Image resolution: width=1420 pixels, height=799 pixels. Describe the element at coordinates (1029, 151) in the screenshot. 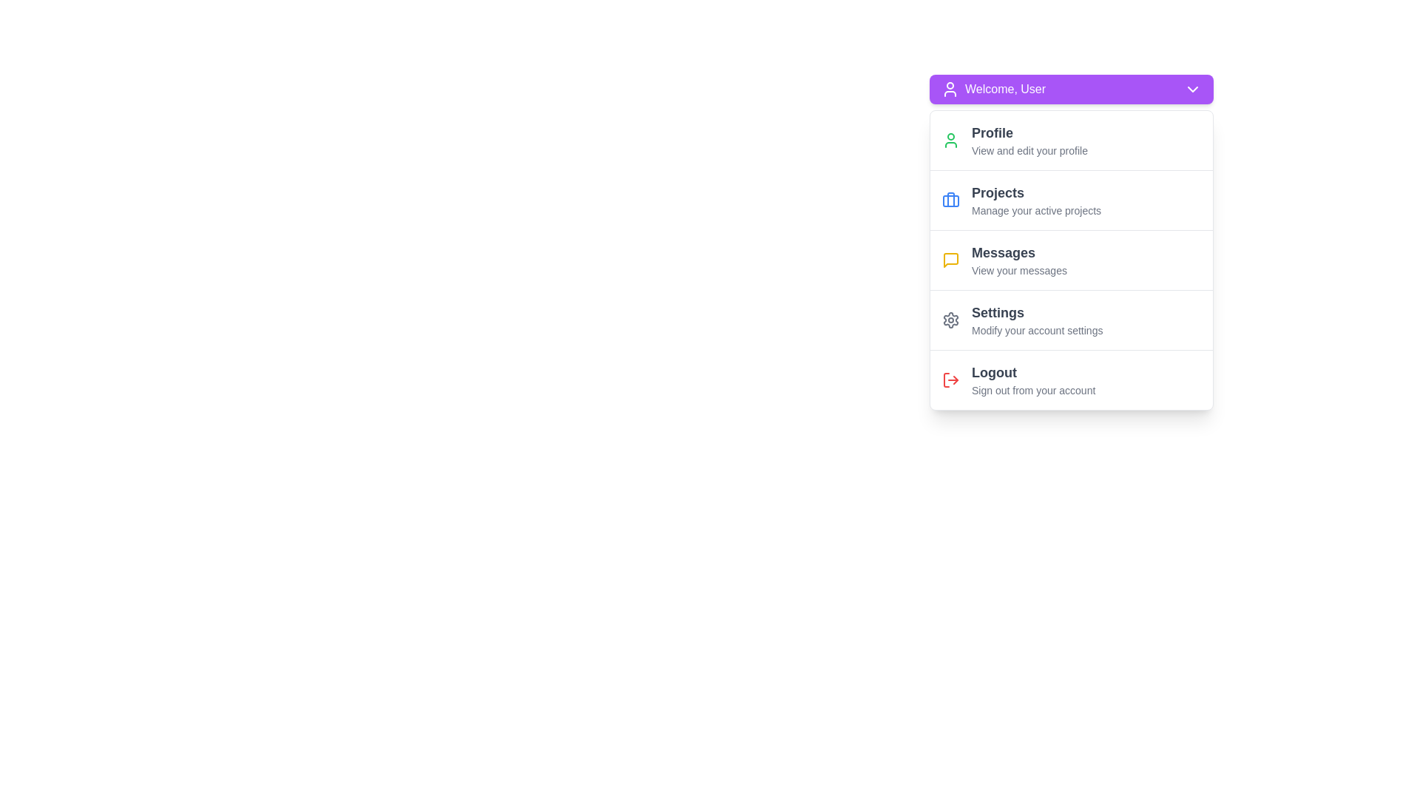

I see `the static text providing additional guidance about the 'Profile' menu item, located under the 'Profile' label in the dropdown menu` at that location.